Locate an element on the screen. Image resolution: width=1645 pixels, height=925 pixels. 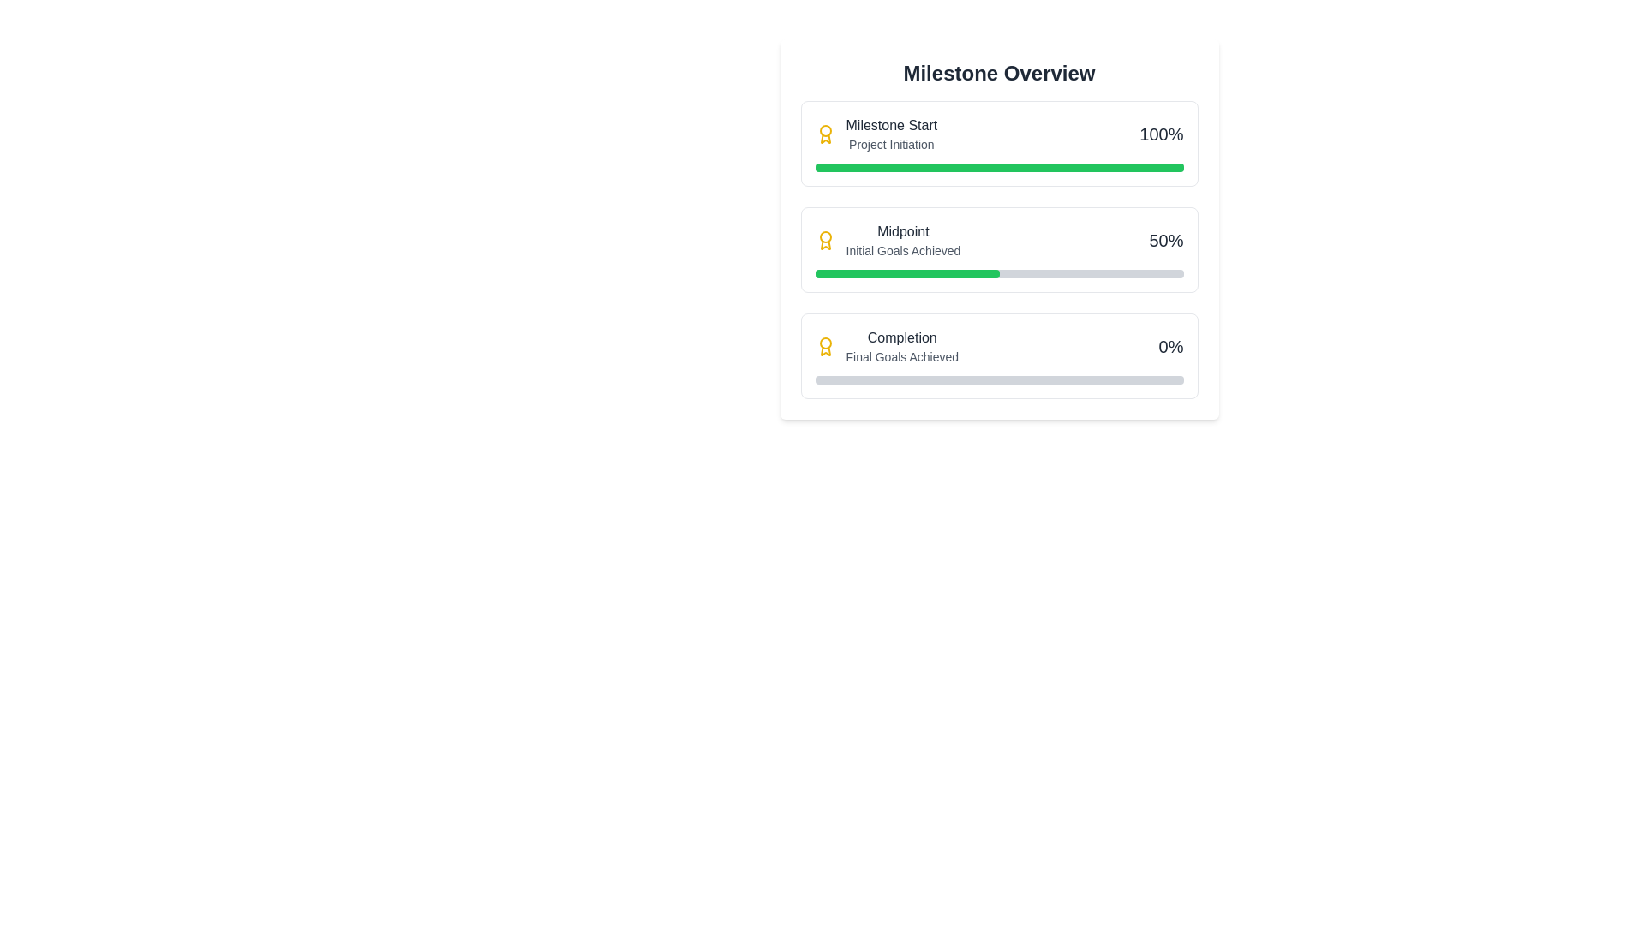
the text label providing additional information about the 'Milestone Start' milestone, located beneath the 'Milestone Start' label in the milestone overview is located at coordinates (891, 144).